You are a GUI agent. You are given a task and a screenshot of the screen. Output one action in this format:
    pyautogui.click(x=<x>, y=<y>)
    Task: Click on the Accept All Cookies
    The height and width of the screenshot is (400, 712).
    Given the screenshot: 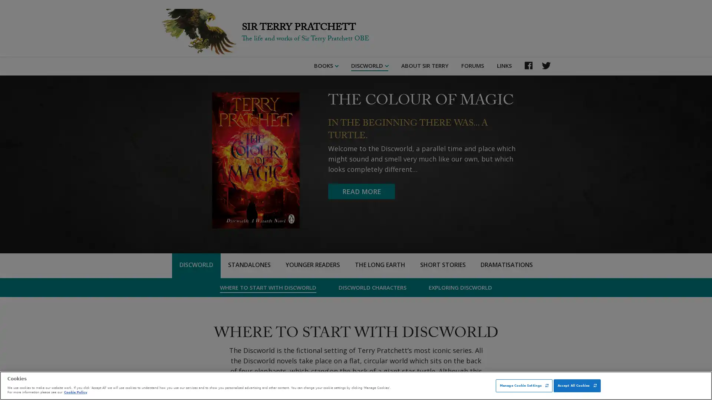 What is the action you would take?
    pyautogui.click(x=576, y=385)
    